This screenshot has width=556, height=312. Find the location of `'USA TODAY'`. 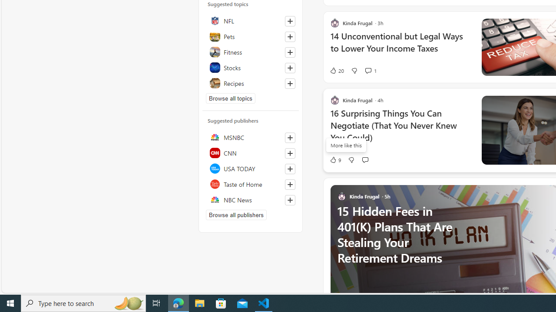

'USA TODAY' is located at coordinates (250, 169).